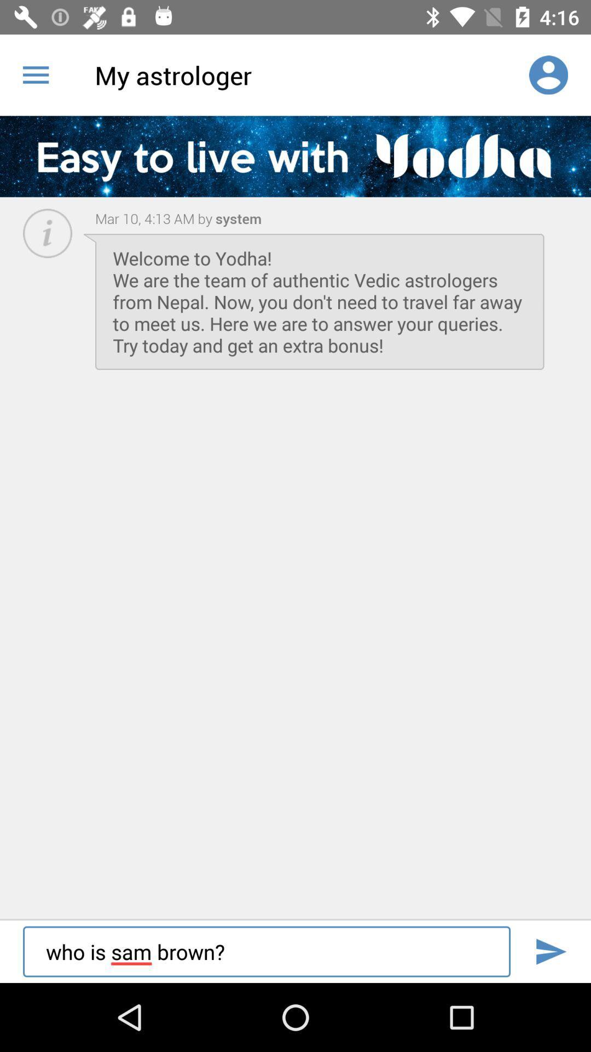  I want to click on the welcome to yodha, so click(320, 301).